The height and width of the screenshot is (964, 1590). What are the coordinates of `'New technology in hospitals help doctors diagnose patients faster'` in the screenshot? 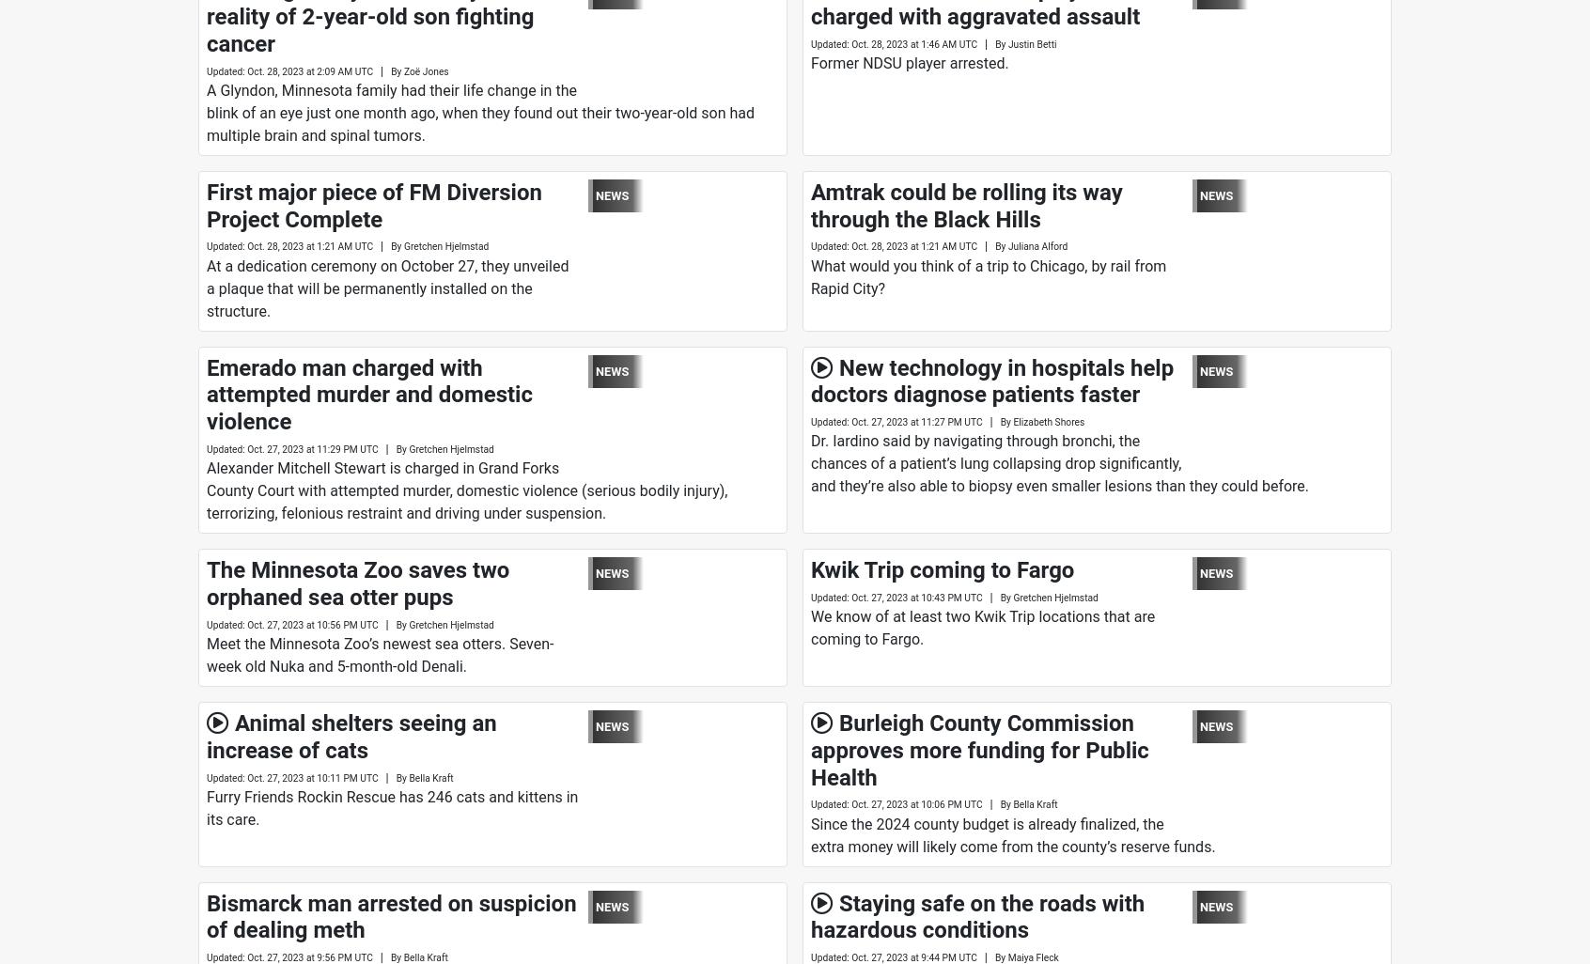 It's located at (990, 380).